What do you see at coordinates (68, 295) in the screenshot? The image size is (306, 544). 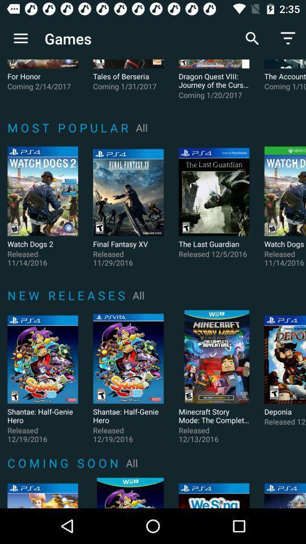 I see `the icon below the released 11 14 item` at bounding box center [68, 295].